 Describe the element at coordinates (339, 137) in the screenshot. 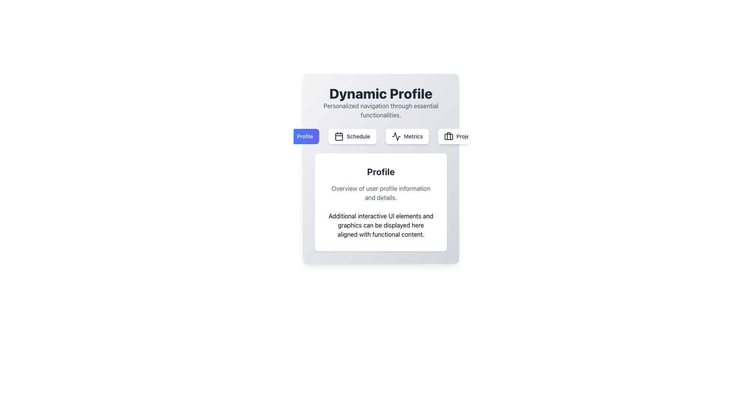

I see `the central rectangular SVG graphical element of the calendar icon in the navigation bar, which is part of a larger scheduling feature` at that location.